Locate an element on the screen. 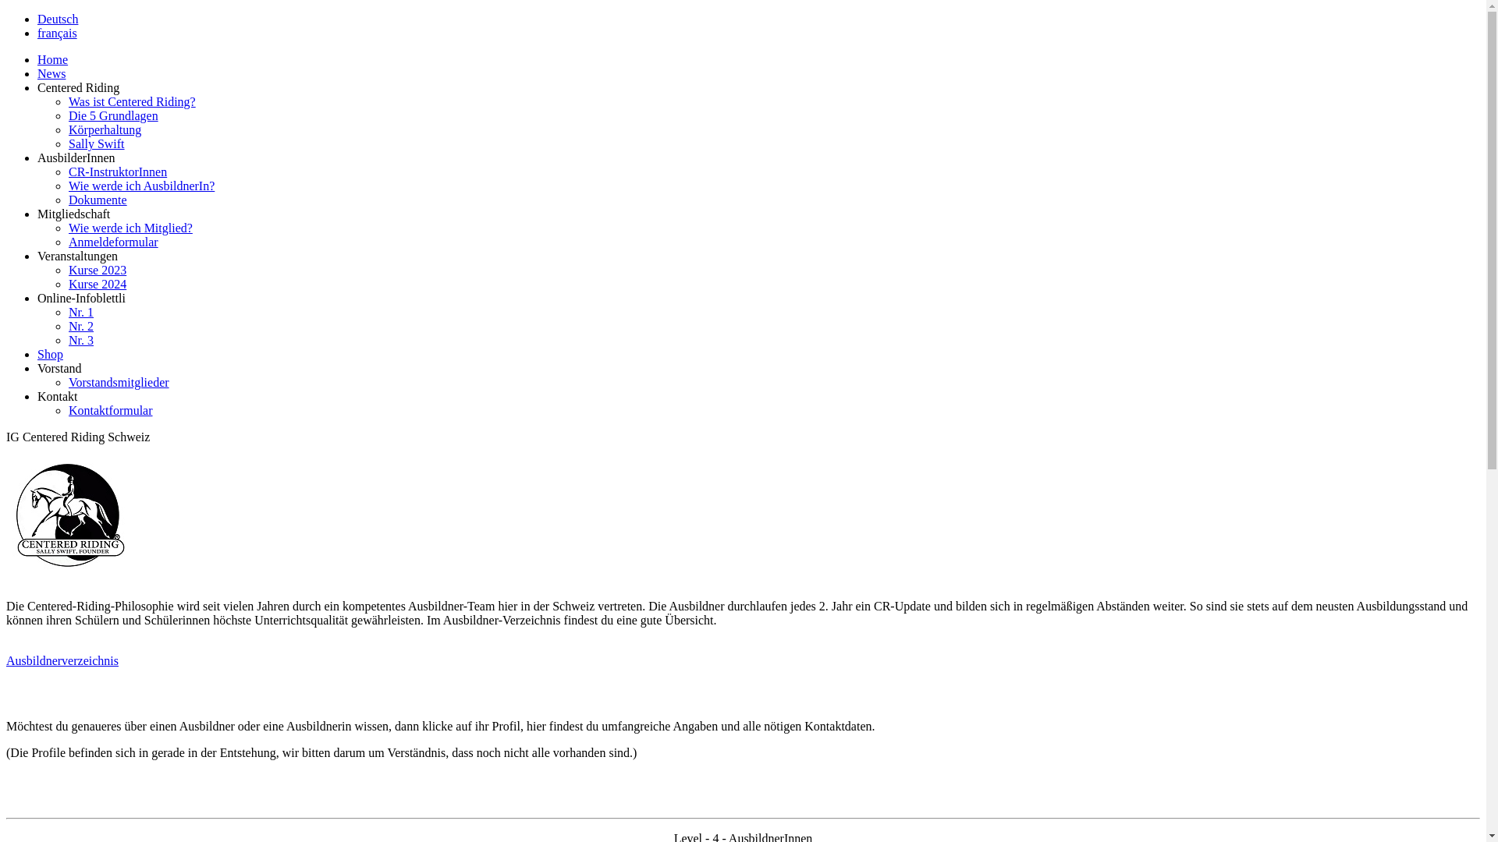 The width and height of the screenshot is (1498, 842). 'Was ist Centered Riding?' is located at coordinates (132, 101).